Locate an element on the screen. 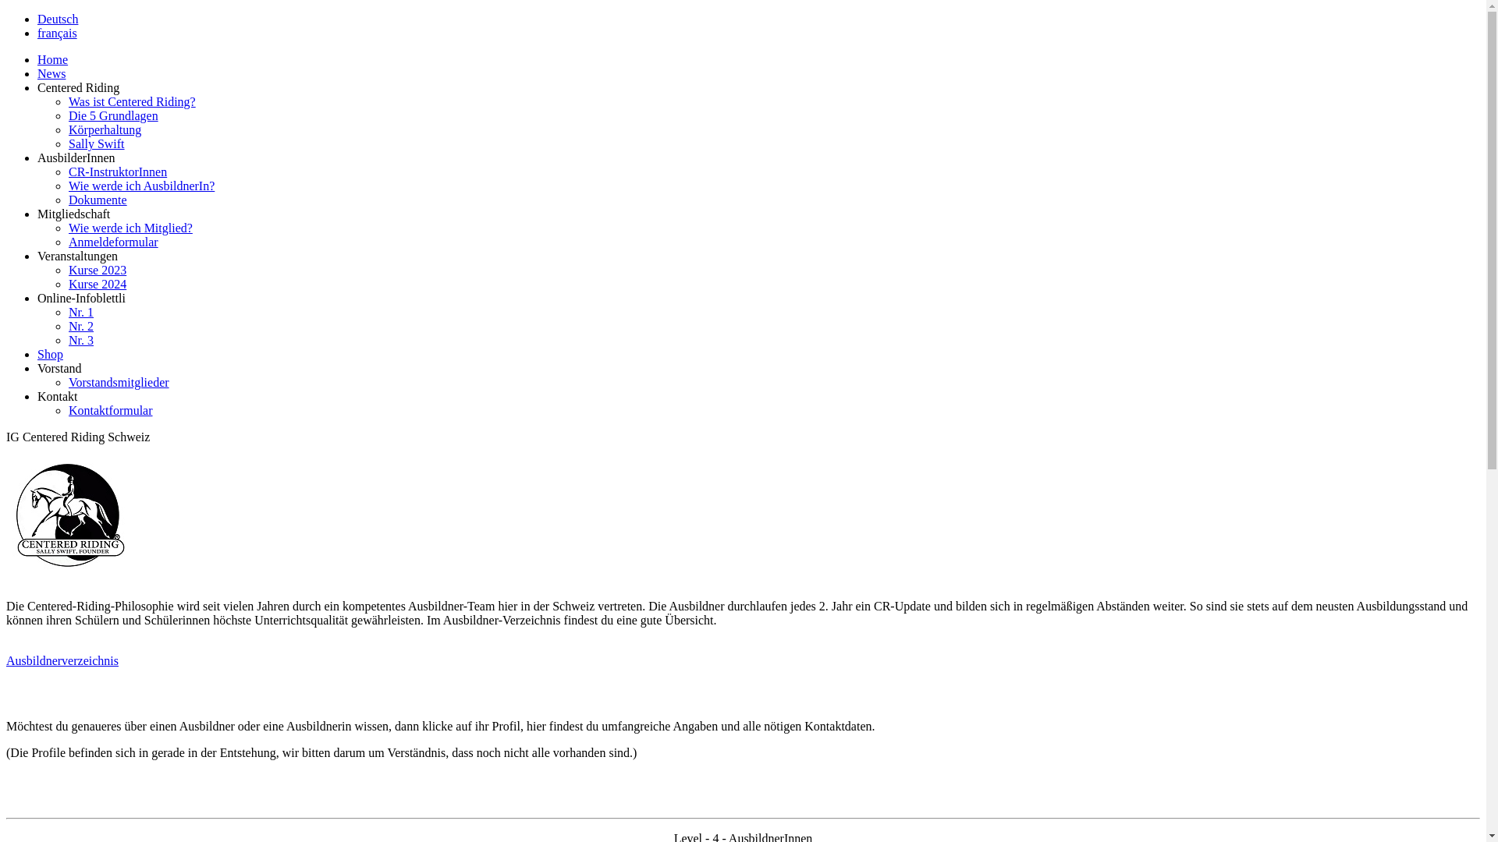 The width and height of the screenshot is (1498, 842). 'Was ist Centered Riding?' is located at coordinates (132, 101).